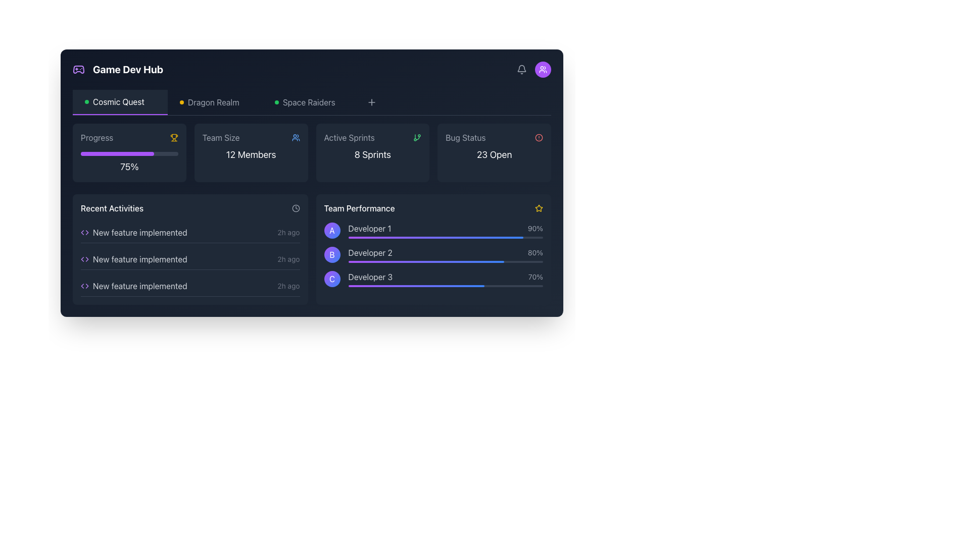 Image resolution: width=970 pixels, height=545 pixels. I want to click on 'Developer 3' badge located in the bottom-right section of the 'Team Performance' panel, which serves as a label for a team member, so click(332, 279).